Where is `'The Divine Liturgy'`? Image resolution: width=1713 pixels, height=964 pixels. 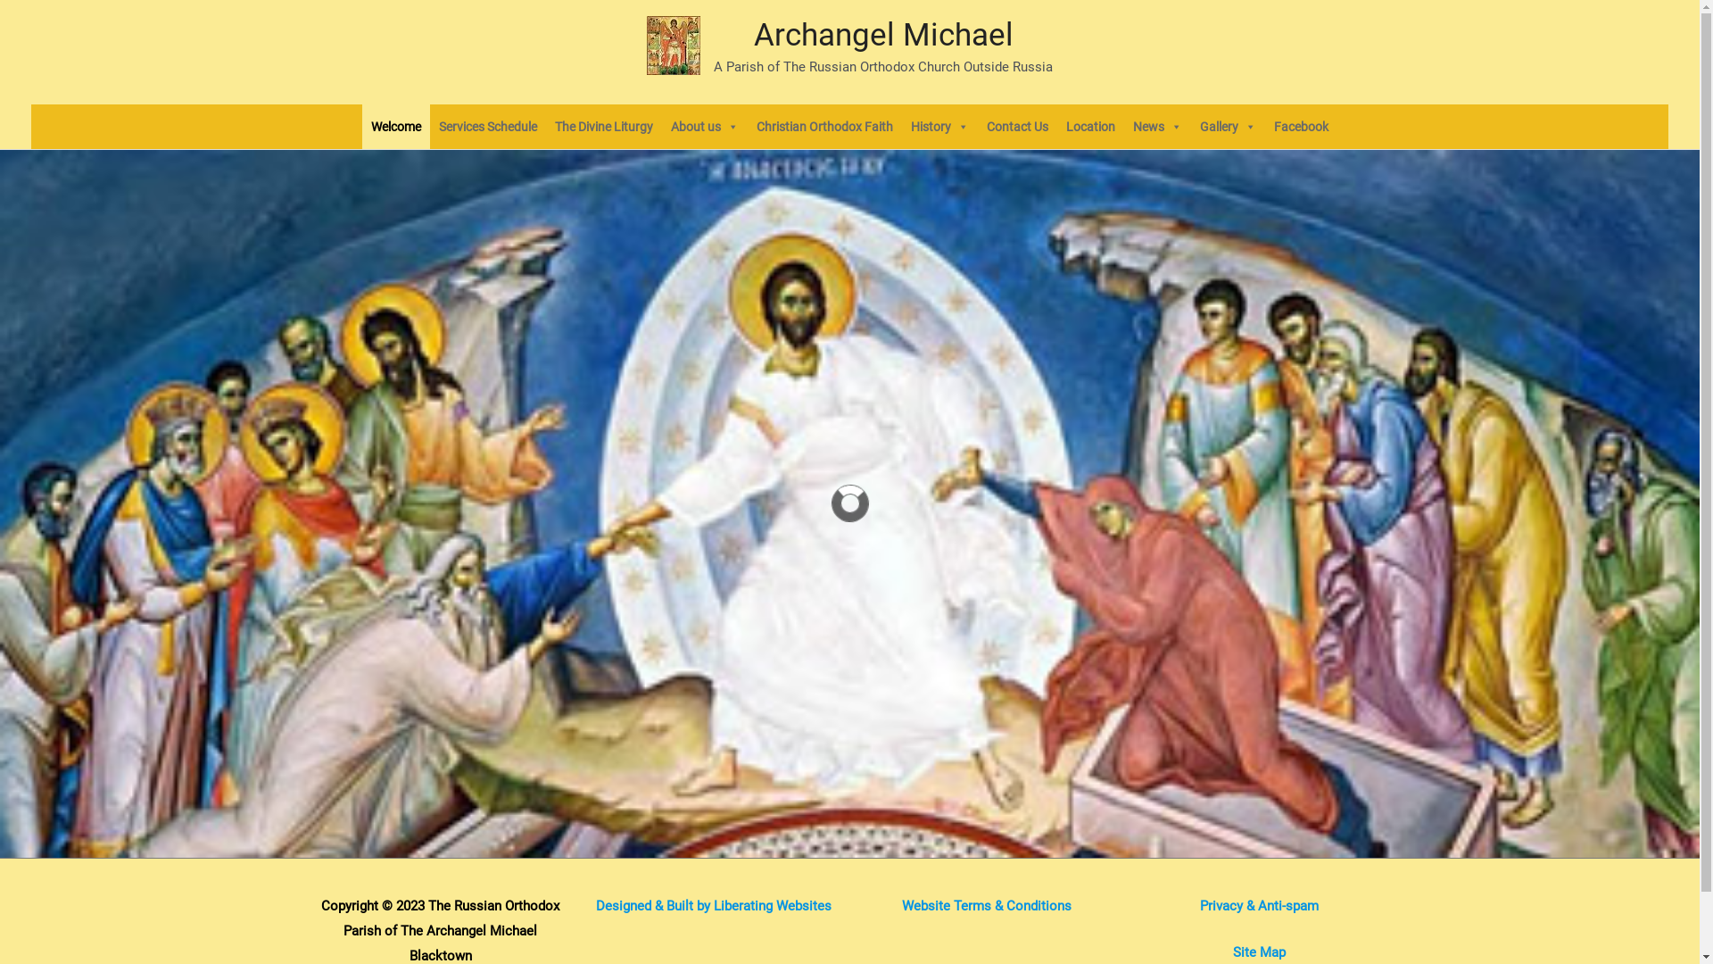 'The Divine Liturgy' is located at coordinates (603, 125).